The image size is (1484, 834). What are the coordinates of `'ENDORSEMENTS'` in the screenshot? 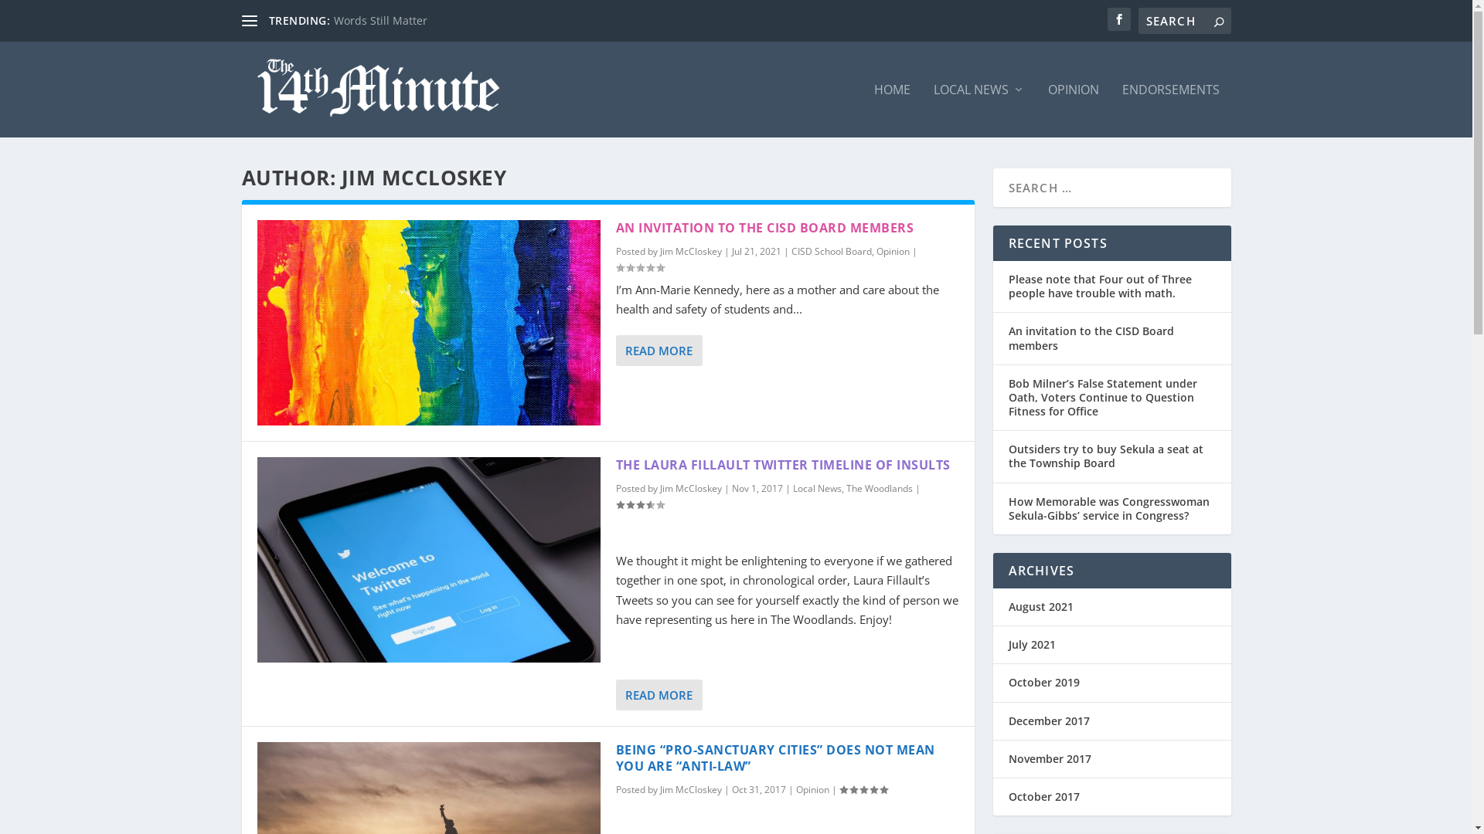 It's located at (1171, 109).